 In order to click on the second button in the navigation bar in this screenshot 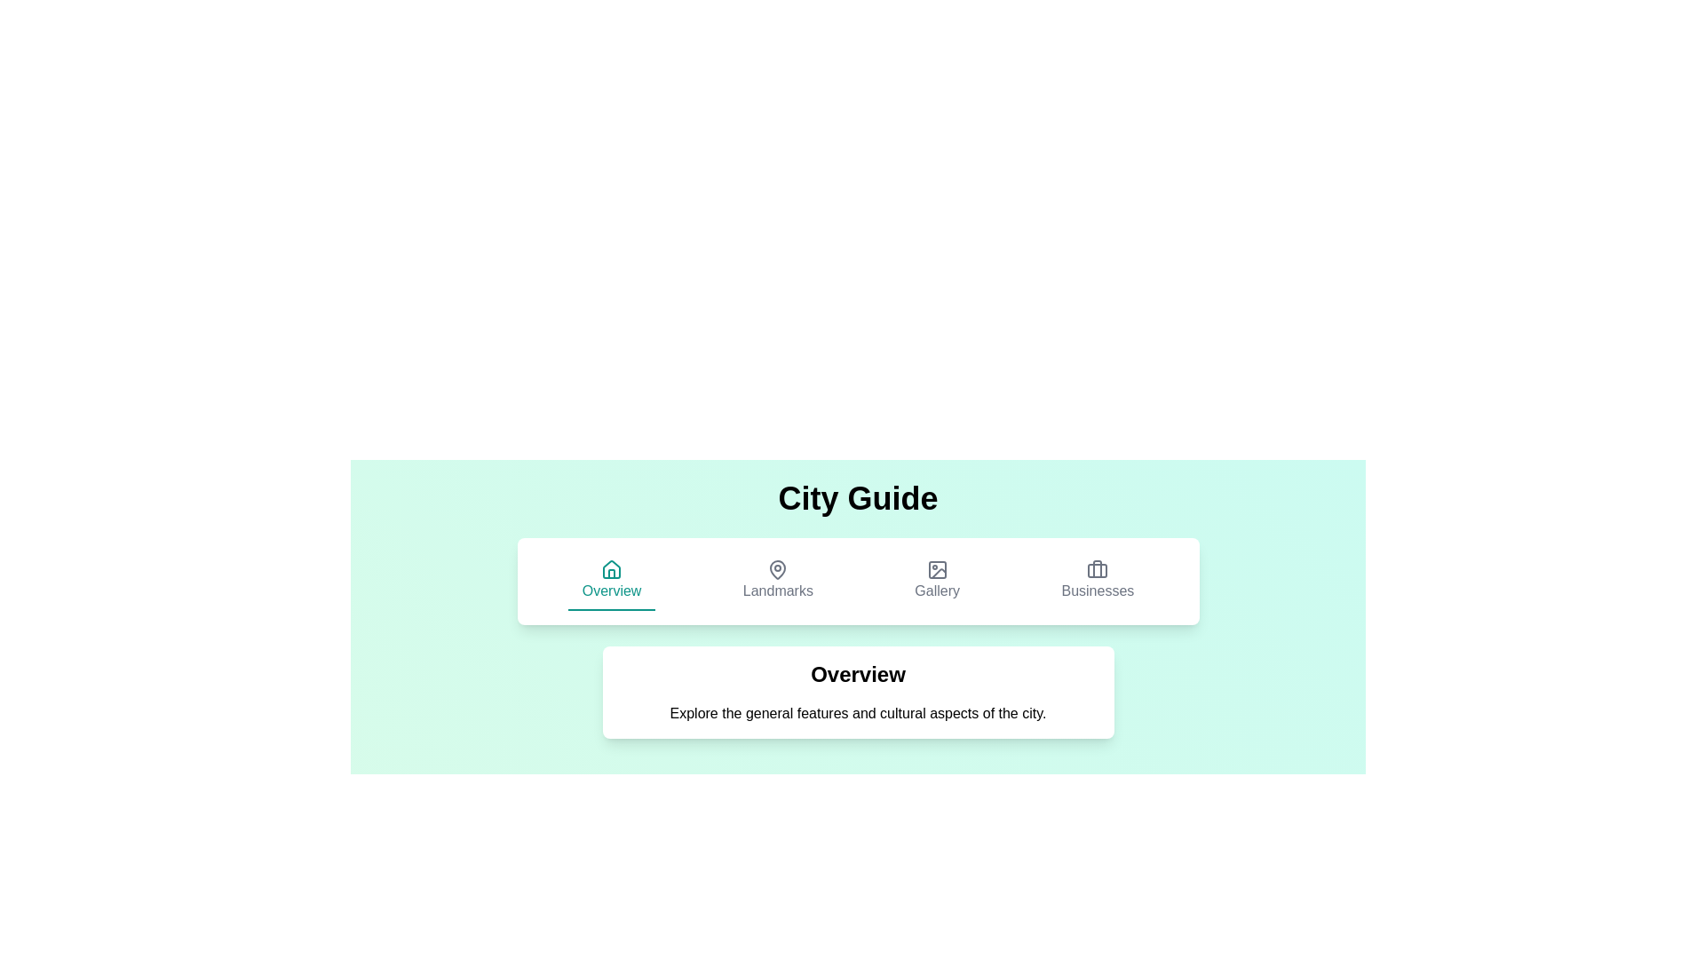, I will do `click(778, 582)`.